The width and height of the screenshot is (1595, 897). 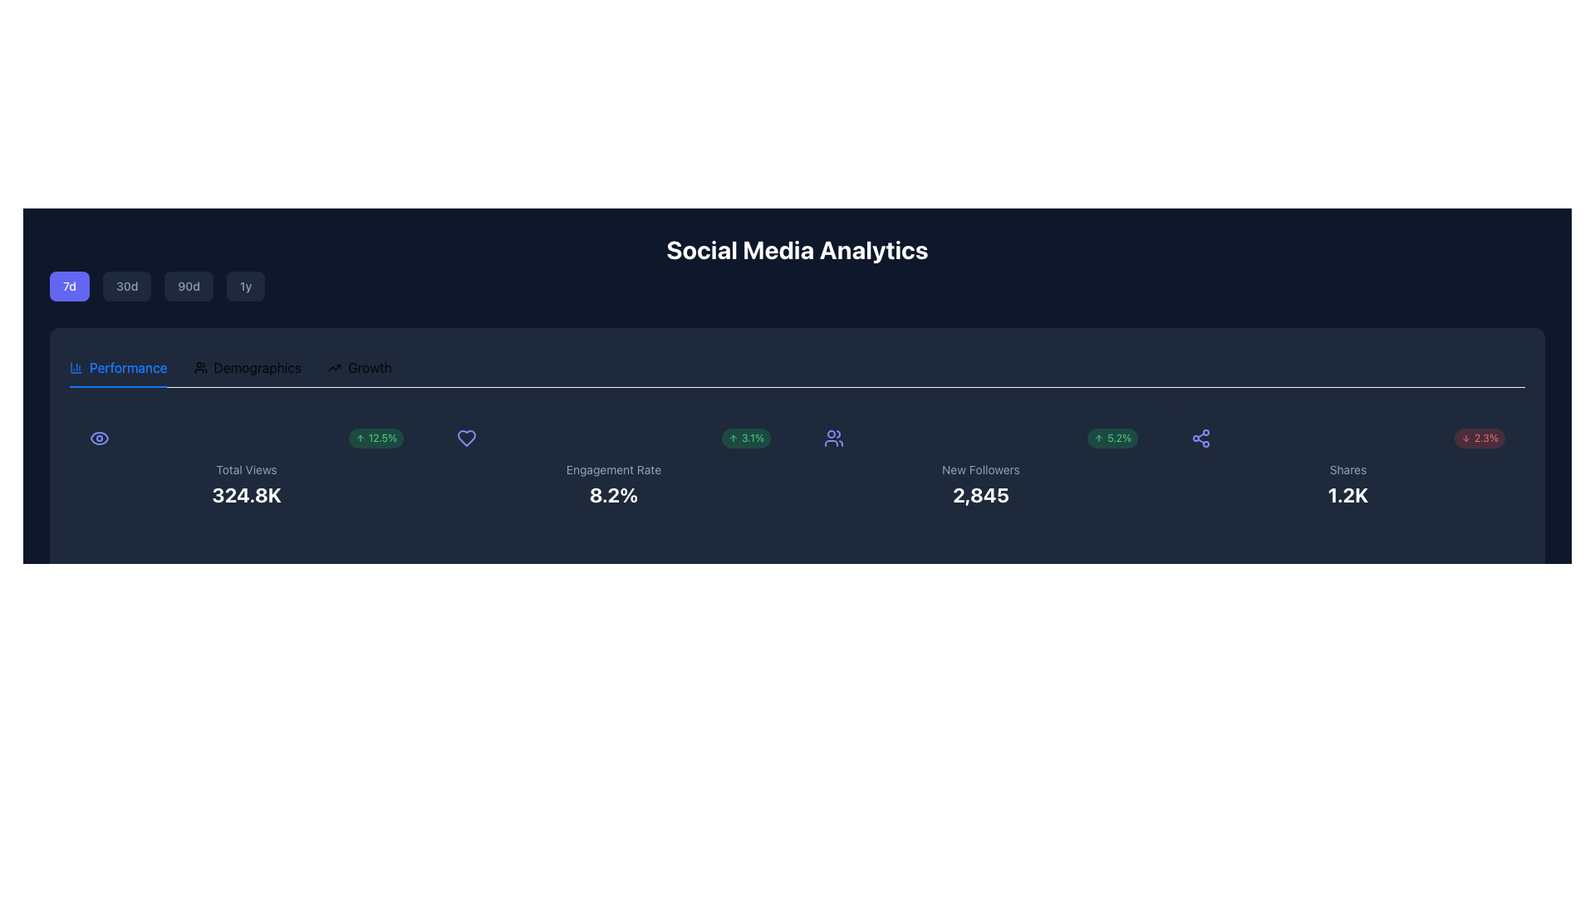 I want to click on the Card displaying the engagement rate metric summary, which is the second card in a grid layout, positioned between 'Total Views' and 'New Followers', so click(x=613, y=468).